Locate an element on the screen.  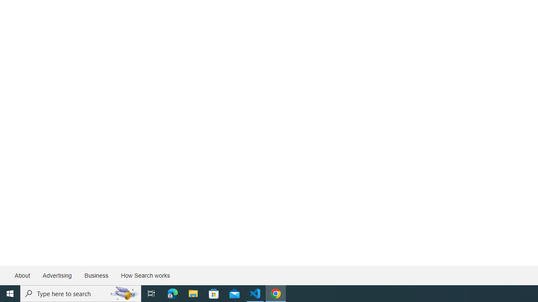
'Business' is located at coordinates (96, 276).